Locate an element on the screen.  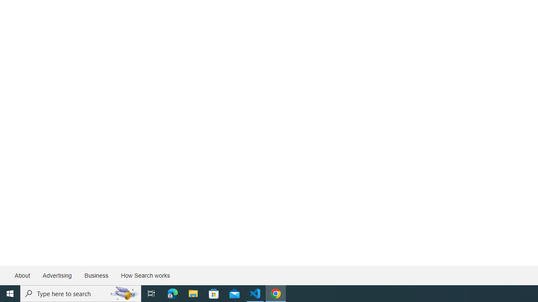
'Business' is located at coordinates (96, 276).